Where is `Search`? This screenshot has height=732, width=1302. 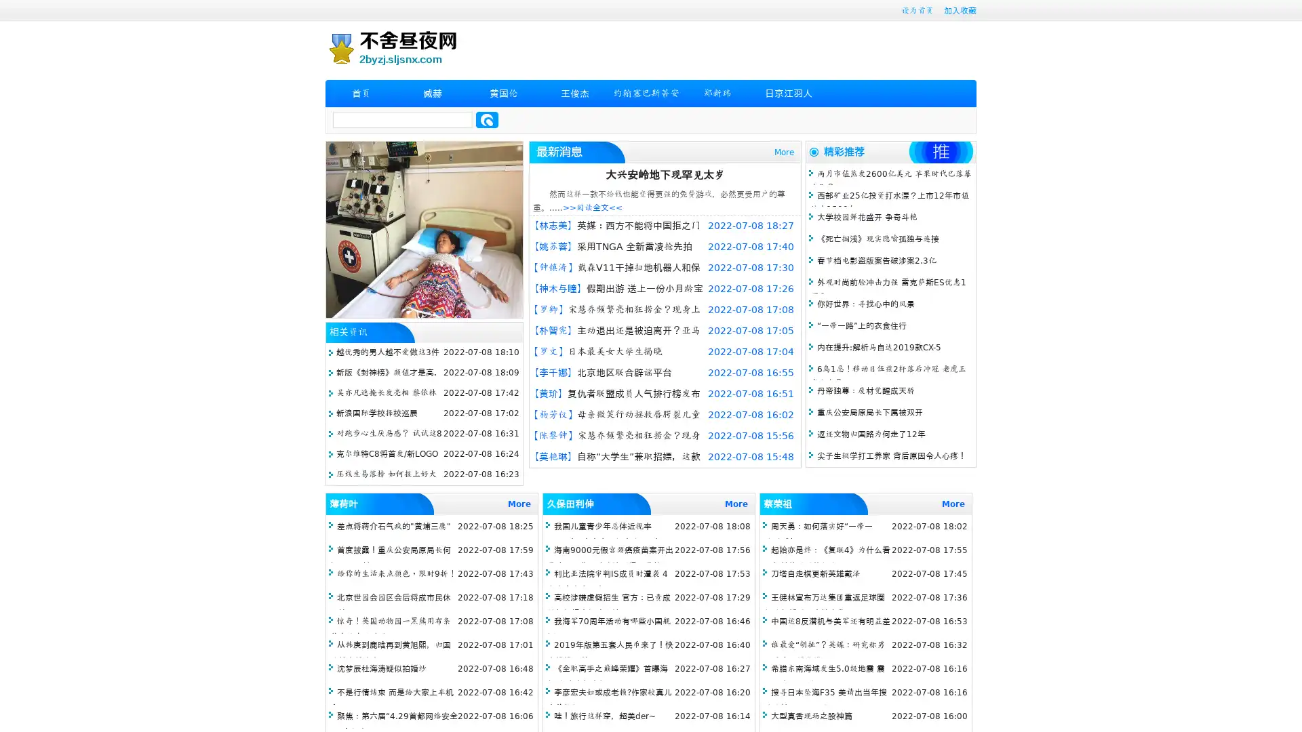 Search is located at coordinates (487, 119).